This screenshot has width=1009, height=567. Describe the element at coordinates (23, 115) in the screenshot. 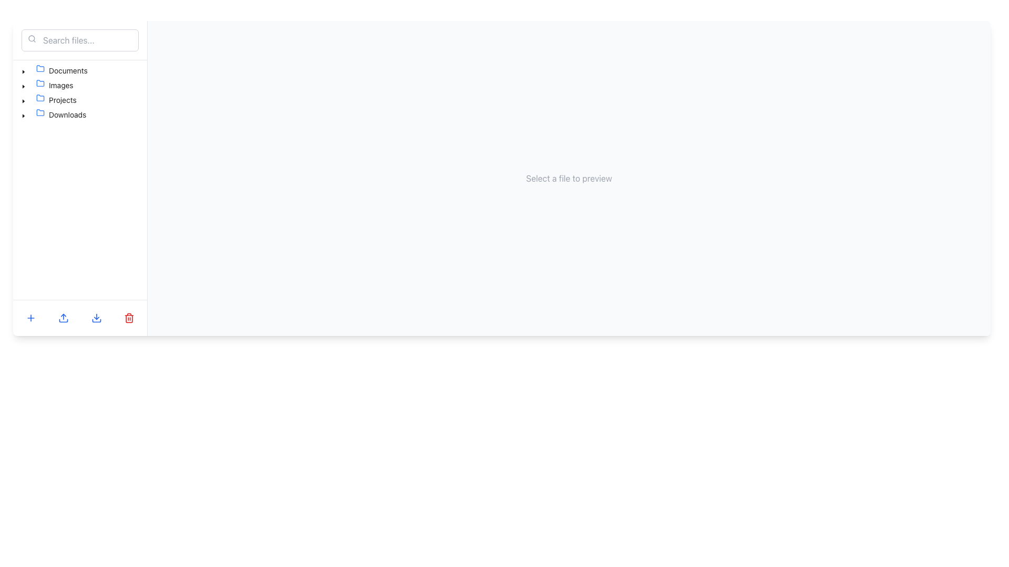

I see `the Caret-down icon next to the 'Downloads' folder label` at that location.